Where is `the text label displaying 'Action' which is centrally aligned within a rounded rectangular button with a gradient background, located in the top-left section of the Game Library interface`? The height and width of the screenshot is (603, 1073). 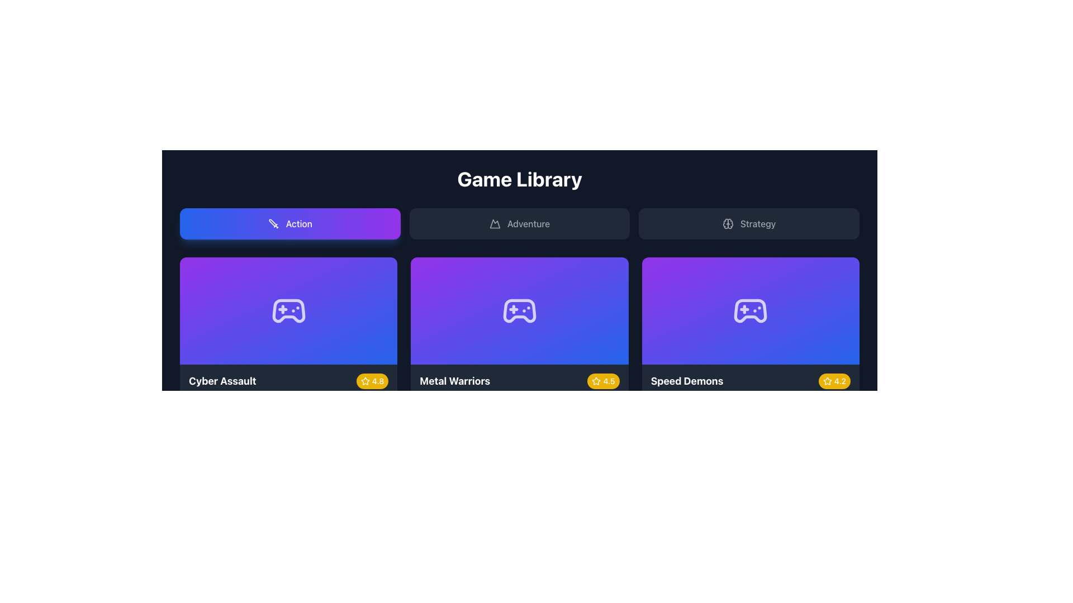 the text label displaying 'Action' which is centrally aligned within a rounded rectangular button with a gradient background, located in the top-left section of the Game Library interface is located at coordinates (299, 224).